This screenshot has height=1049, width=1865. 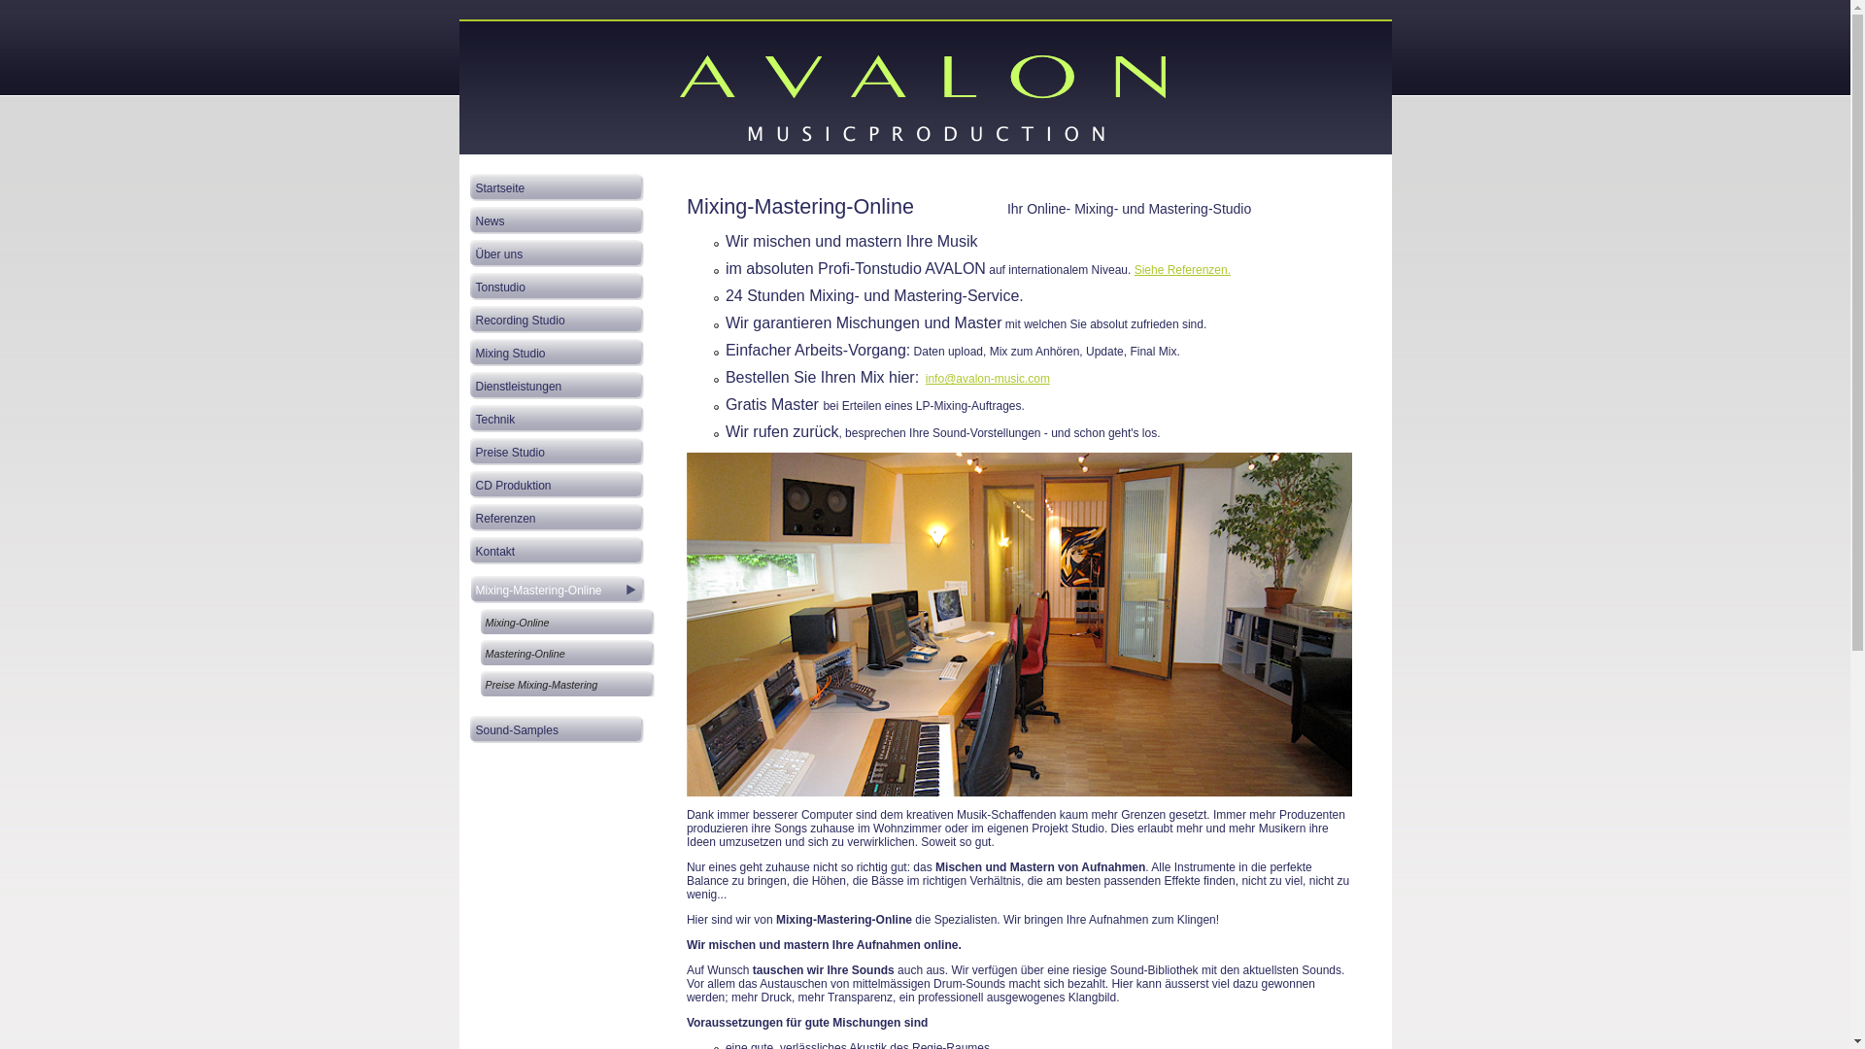 What do you see at coordinates (566, 651) in the screenshot?
I see `'Mastering-Online'` at bounding box center [566, 651].